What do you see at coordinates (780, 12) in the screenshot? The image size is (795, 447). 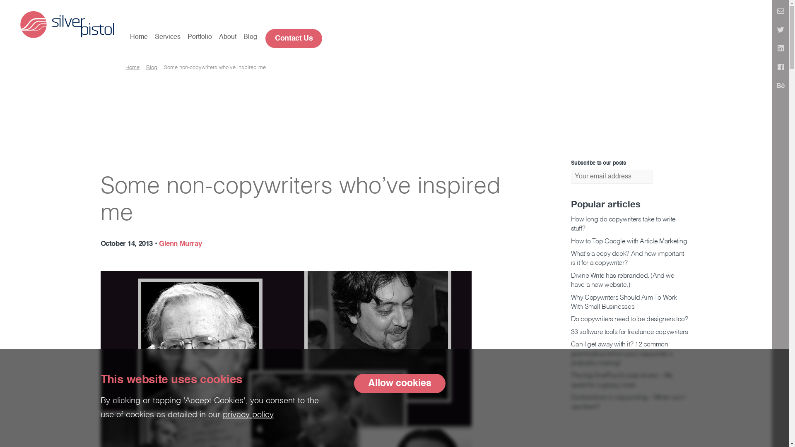 I see `'Send us an email'` at bounding box center [780, 12].